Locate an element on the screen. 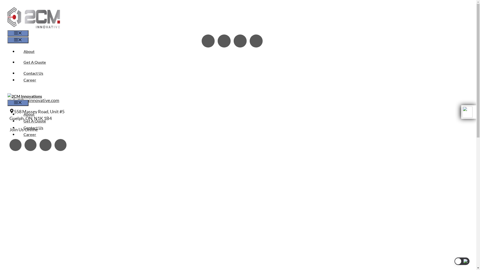  'Get A Quote' is located at coordinates (34, 62).